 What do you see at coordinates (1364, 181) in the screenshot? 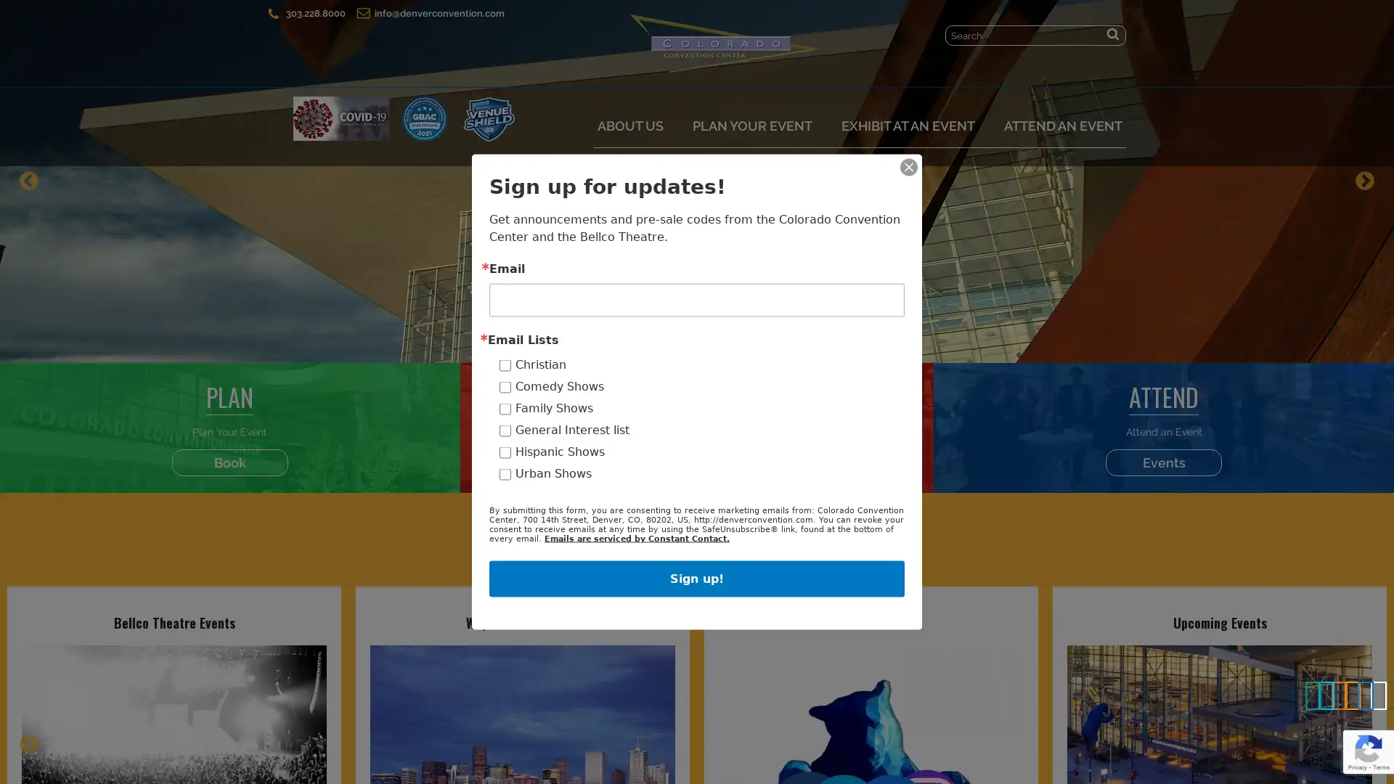
I see `Next` at bounding box center [1364, 181].